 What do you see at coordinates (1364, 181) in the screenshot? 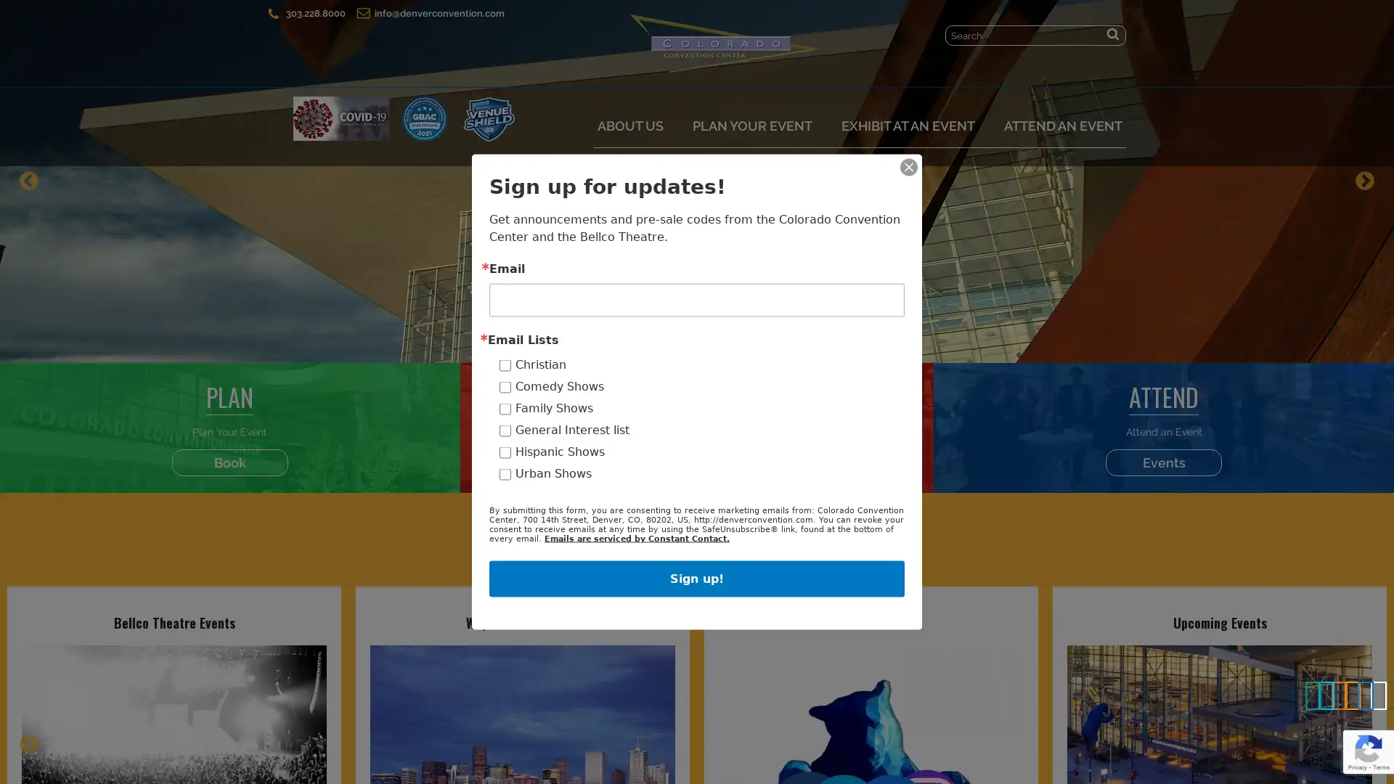
I see `Next` at bounding box center [1364, 181].